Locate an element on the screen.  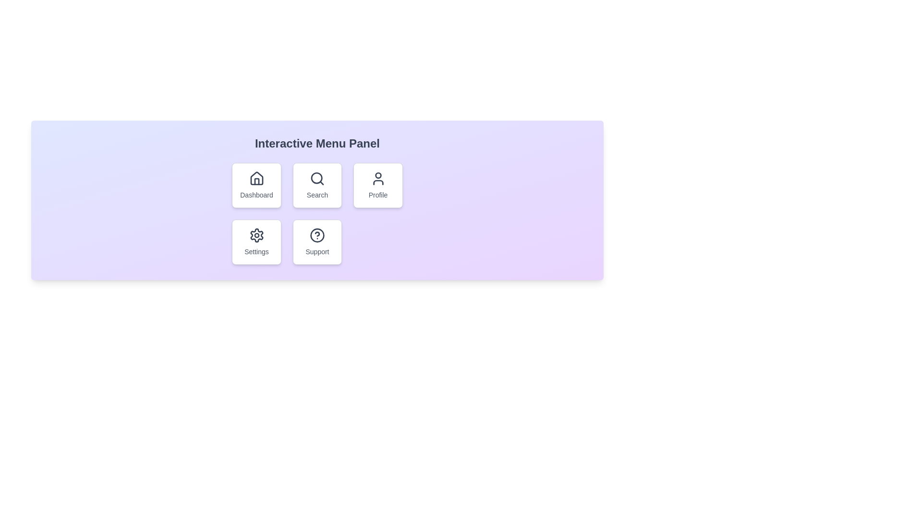
the inner portion of the magnifying glass symbol of the 'Search' button, which is located at the top row, middle position of the panel is located at coordinates (316, 178).